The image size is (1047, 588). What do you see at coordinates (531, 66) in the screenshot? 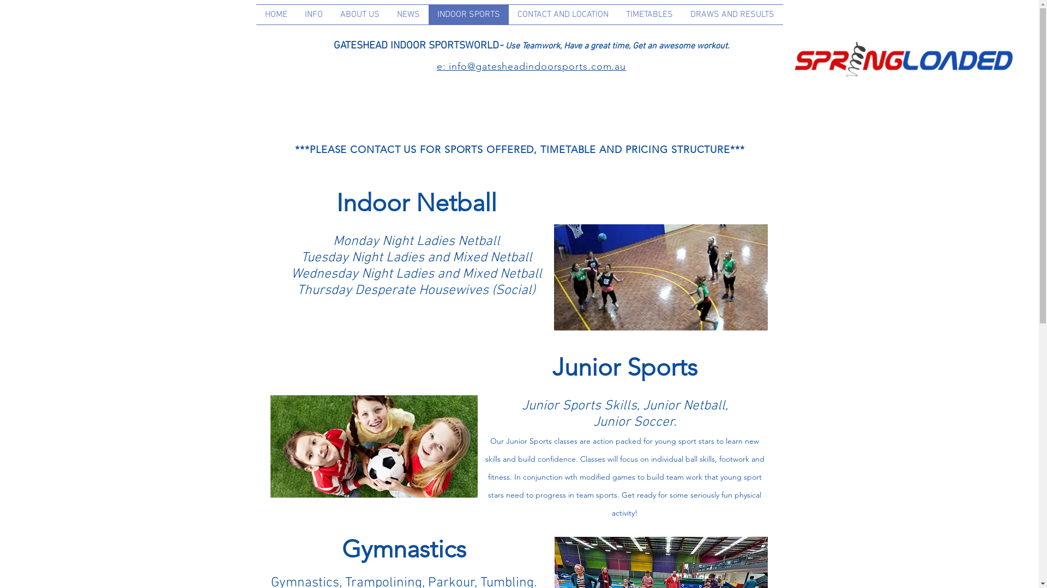
I see `'e: info@gatesheadindoorsports.com.au'` at bounding box center [531, 66].